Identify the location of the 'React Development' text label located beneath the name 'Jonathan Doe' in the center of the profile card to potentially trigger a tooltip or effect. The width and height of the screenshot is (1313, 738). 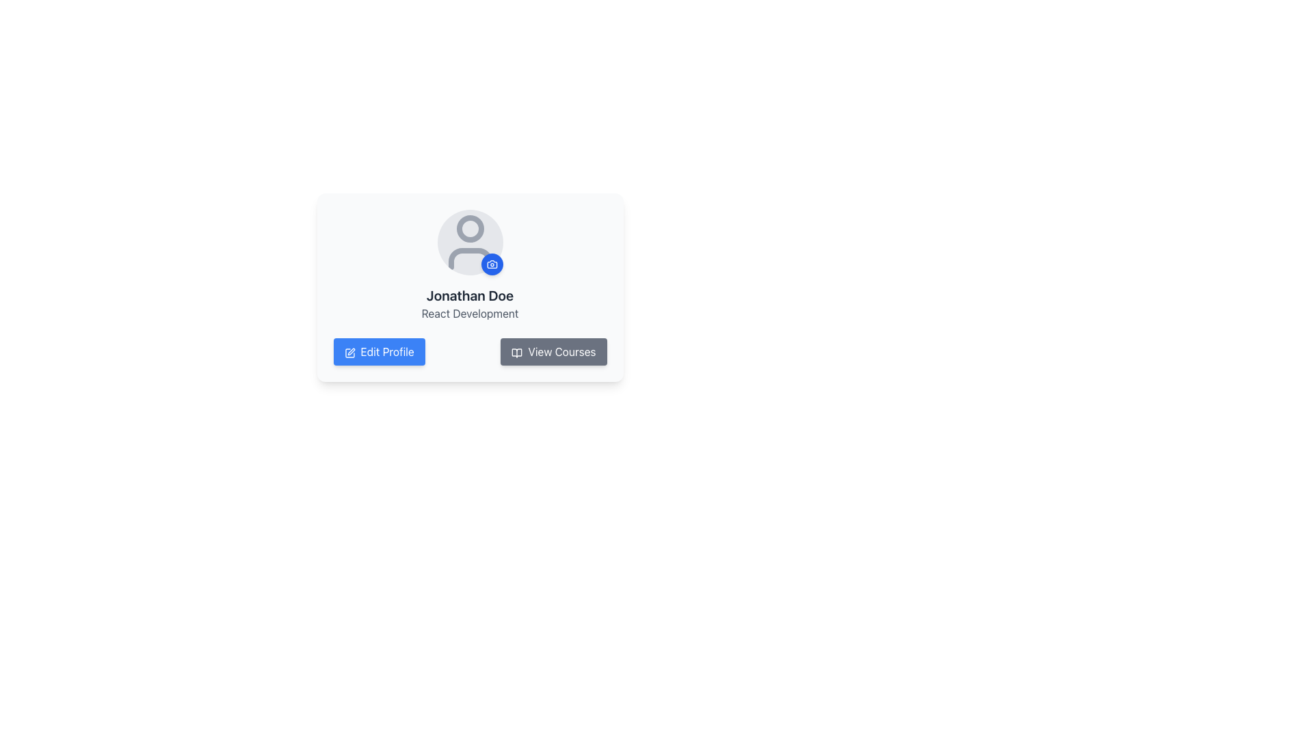
(470, 314).